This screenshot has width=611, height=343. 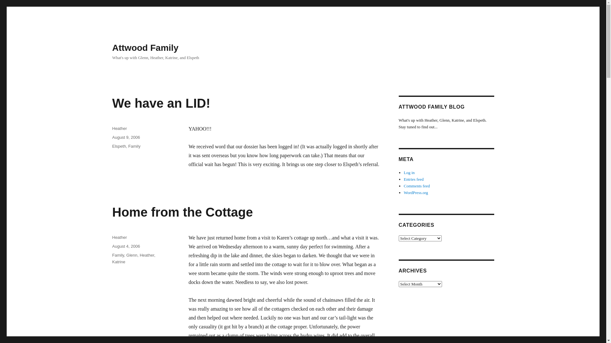 I want to click on 'August 9, 2006', so click(x=126, y=137).